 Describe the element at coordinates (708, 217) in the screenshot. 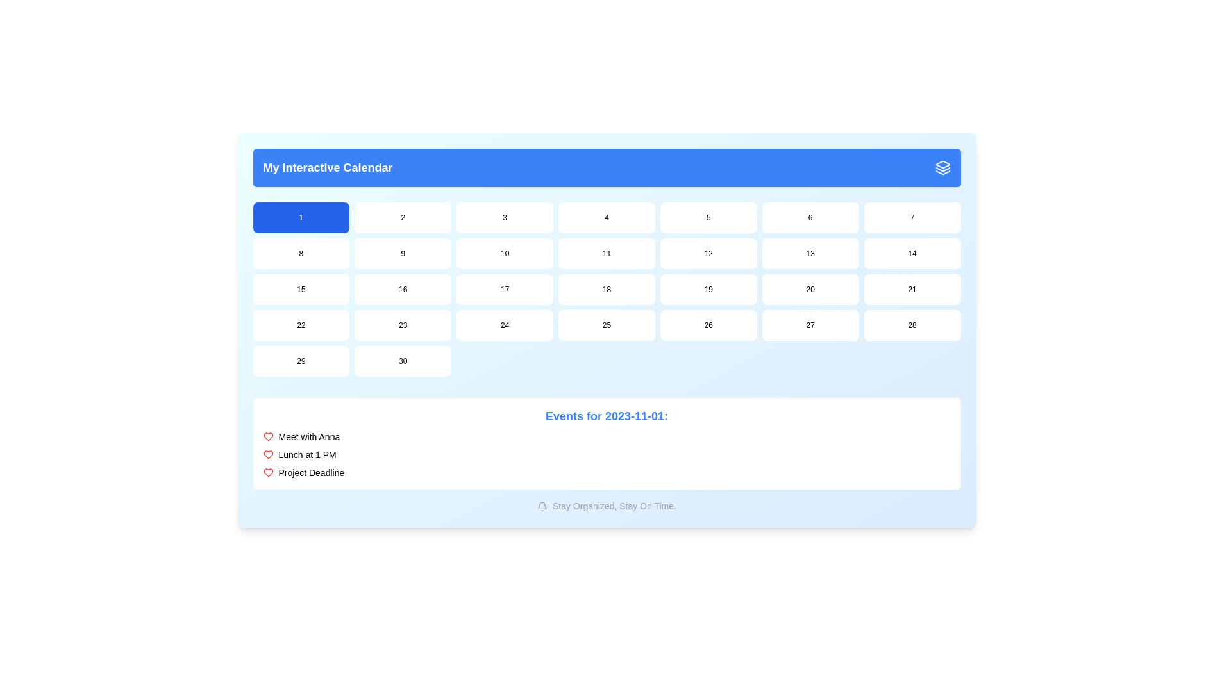

I see `the rectangular button with a white background displaying the number '5'` at that location.